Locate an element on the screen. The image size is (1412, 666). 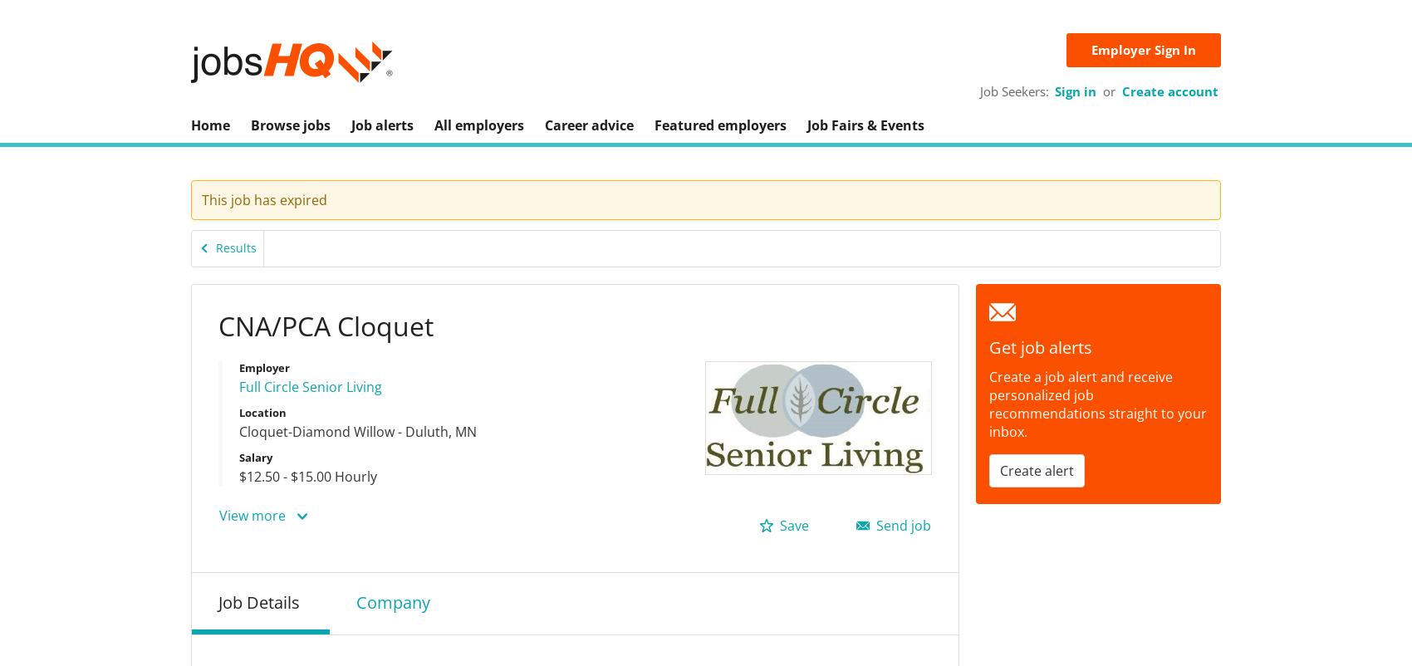
'Save' is located at coordinates (794, 525).